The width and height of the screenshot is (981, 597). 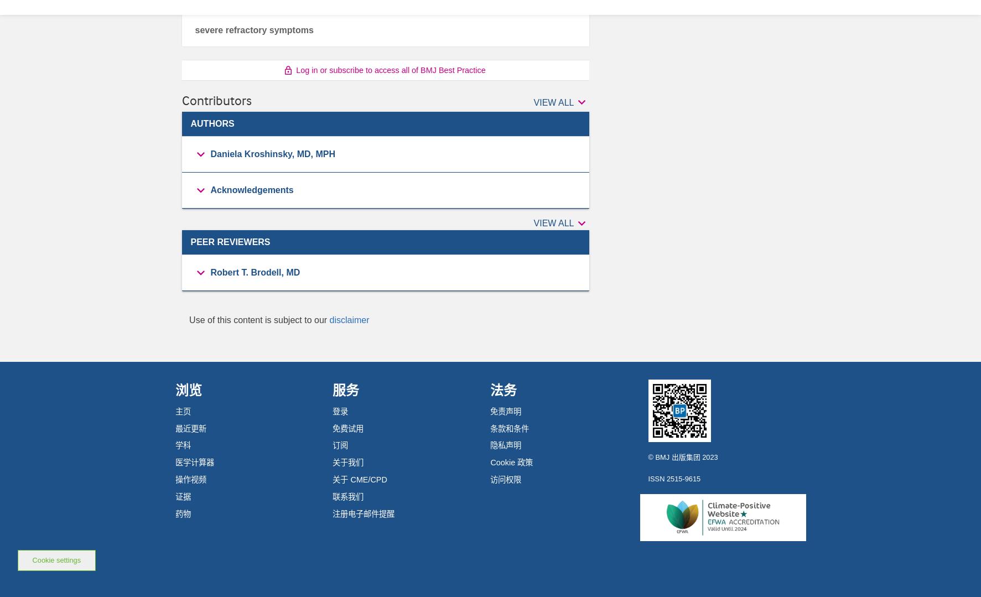 What do you see at coordinates (310, 339) in the screenshot?
I see `'Northeastern Ohio Universities College of Medicine'` at bounding box center [310, 339].